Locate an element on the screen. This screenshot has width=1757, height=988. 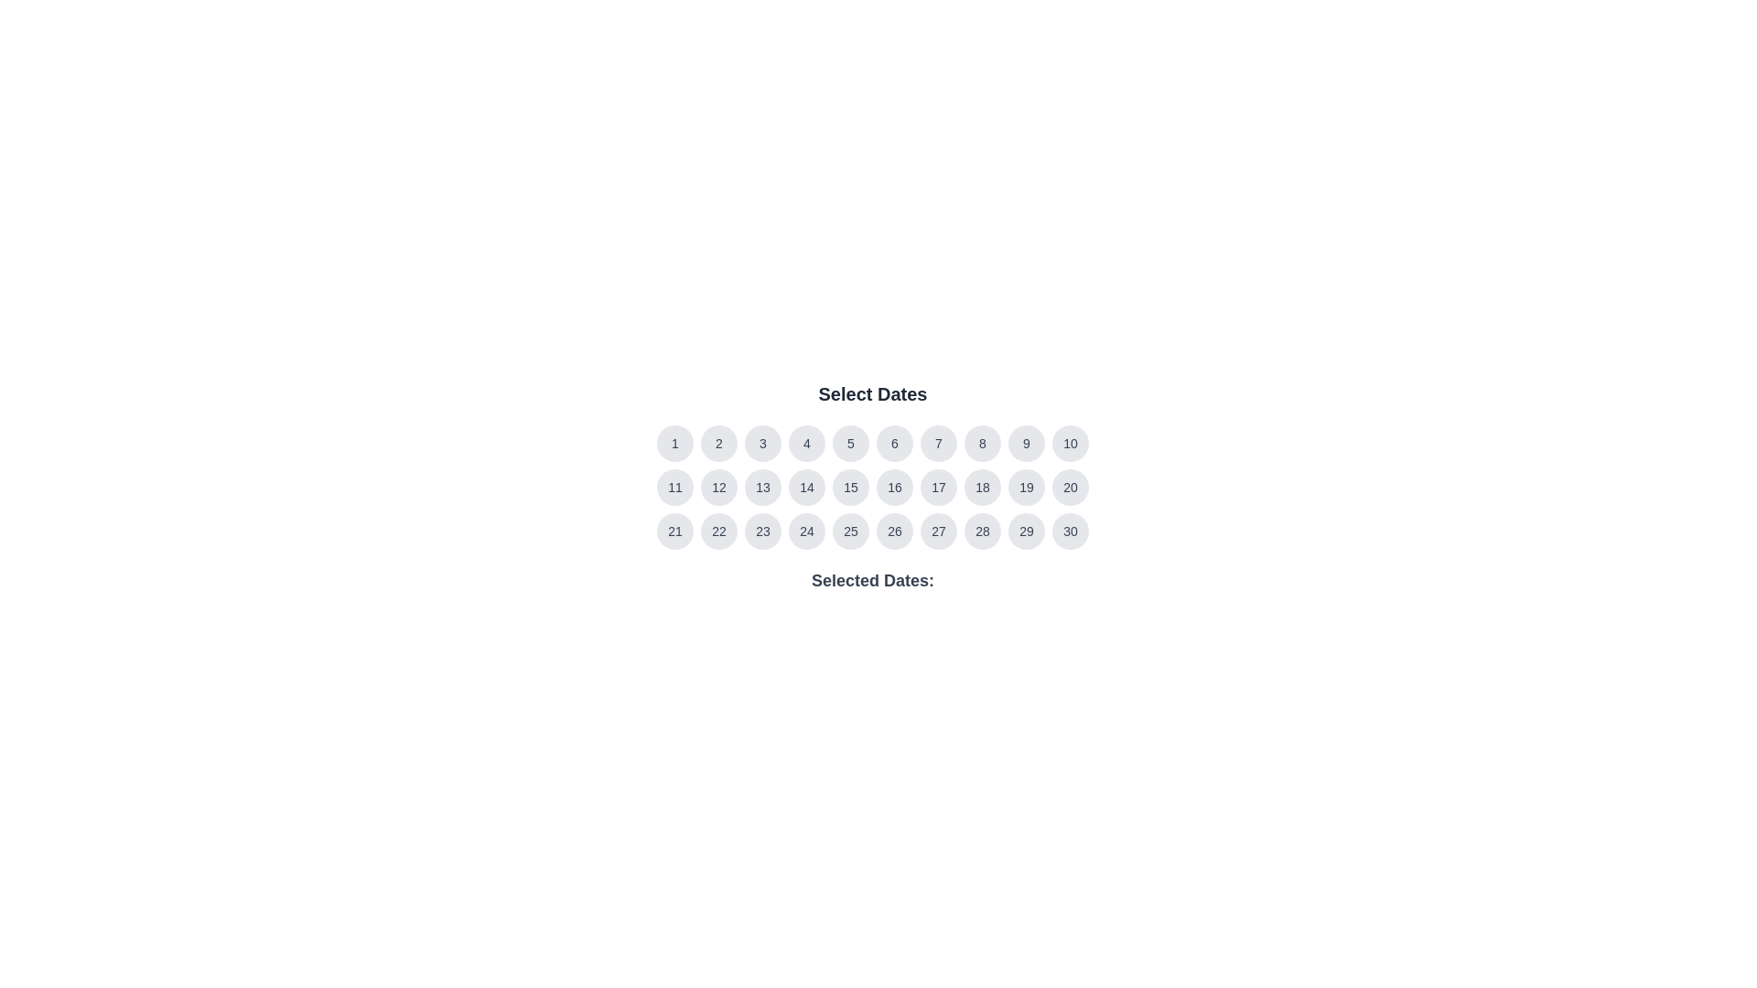
the circular button displaying the number '13' is located at coordinates (763, 486).